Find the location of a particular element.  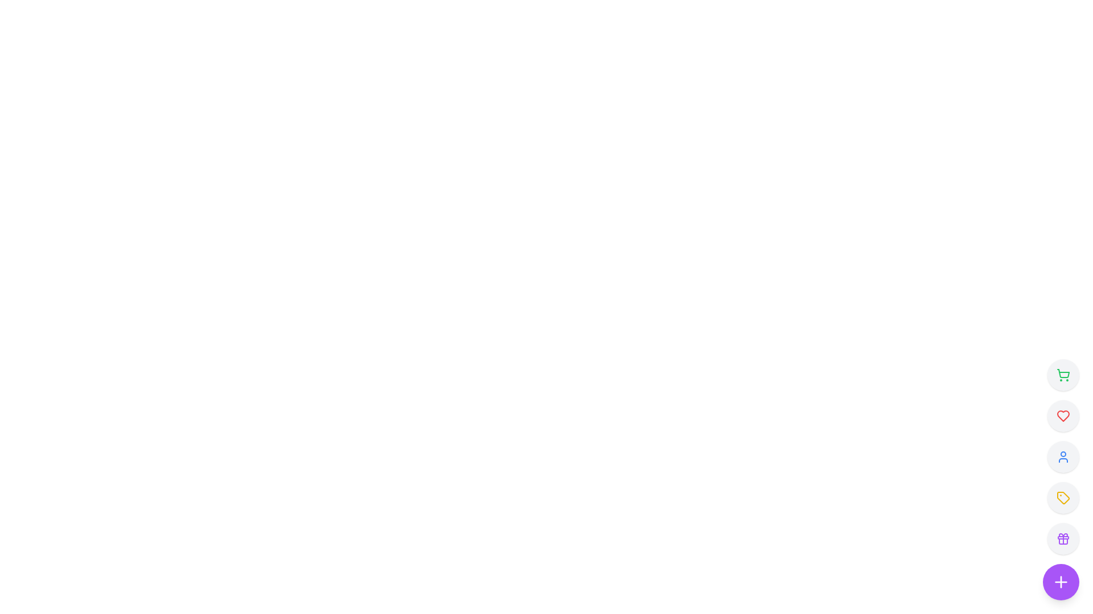

the fifth rounded button in the vertical series located at the bottom right of the interface is located at coordinates (1062, 497).